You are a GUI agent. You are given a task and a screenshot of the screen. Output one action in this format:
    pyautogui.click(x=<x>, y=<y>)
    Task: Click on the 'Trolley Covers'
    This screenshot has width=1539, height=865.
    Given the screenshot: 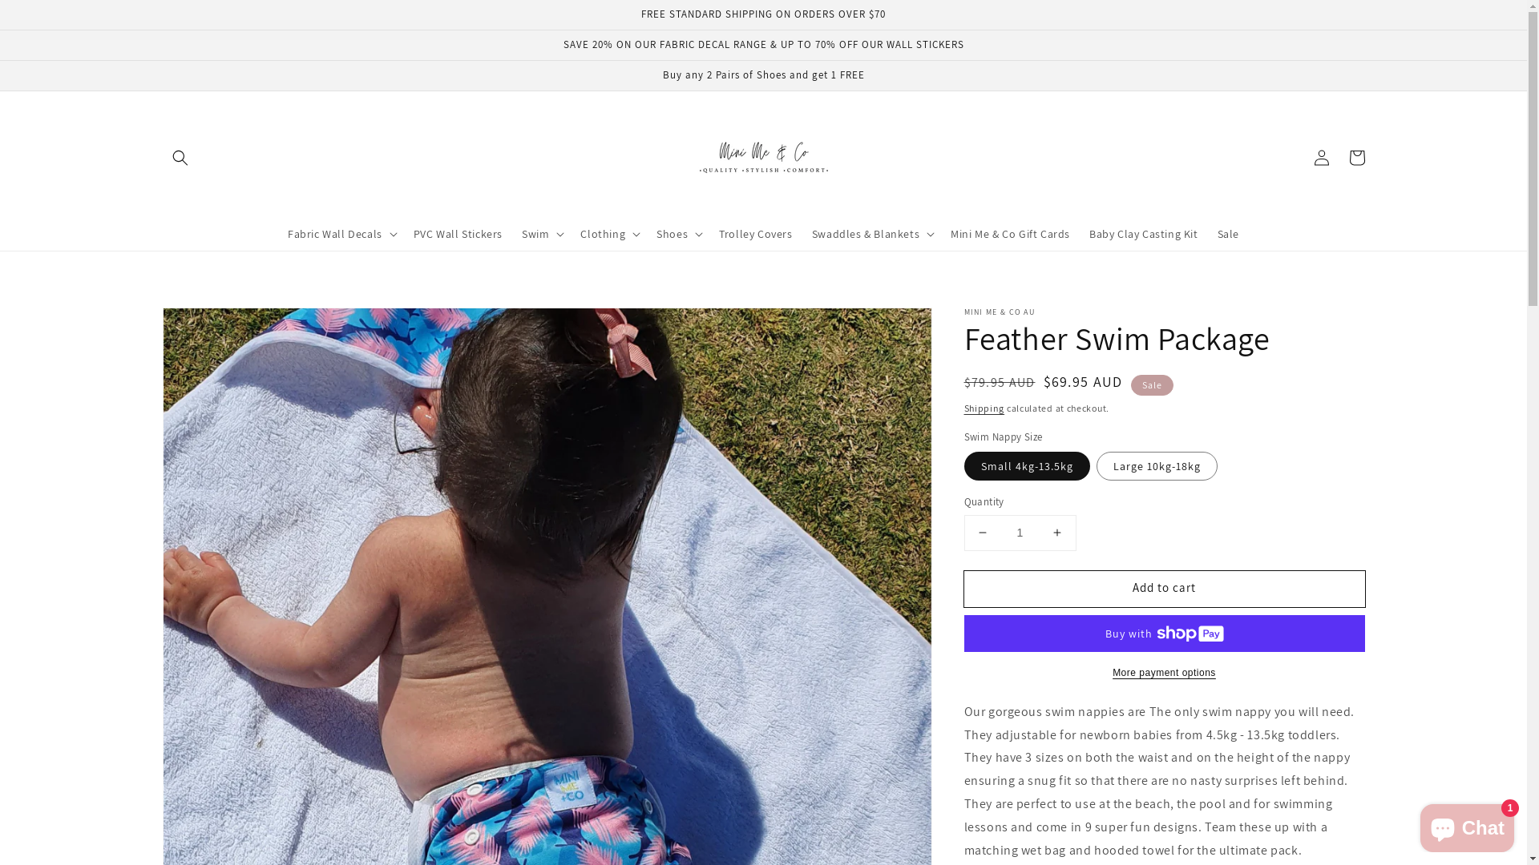 What is the action you would take?
    pyautogui.click(x=754, y=234)
    